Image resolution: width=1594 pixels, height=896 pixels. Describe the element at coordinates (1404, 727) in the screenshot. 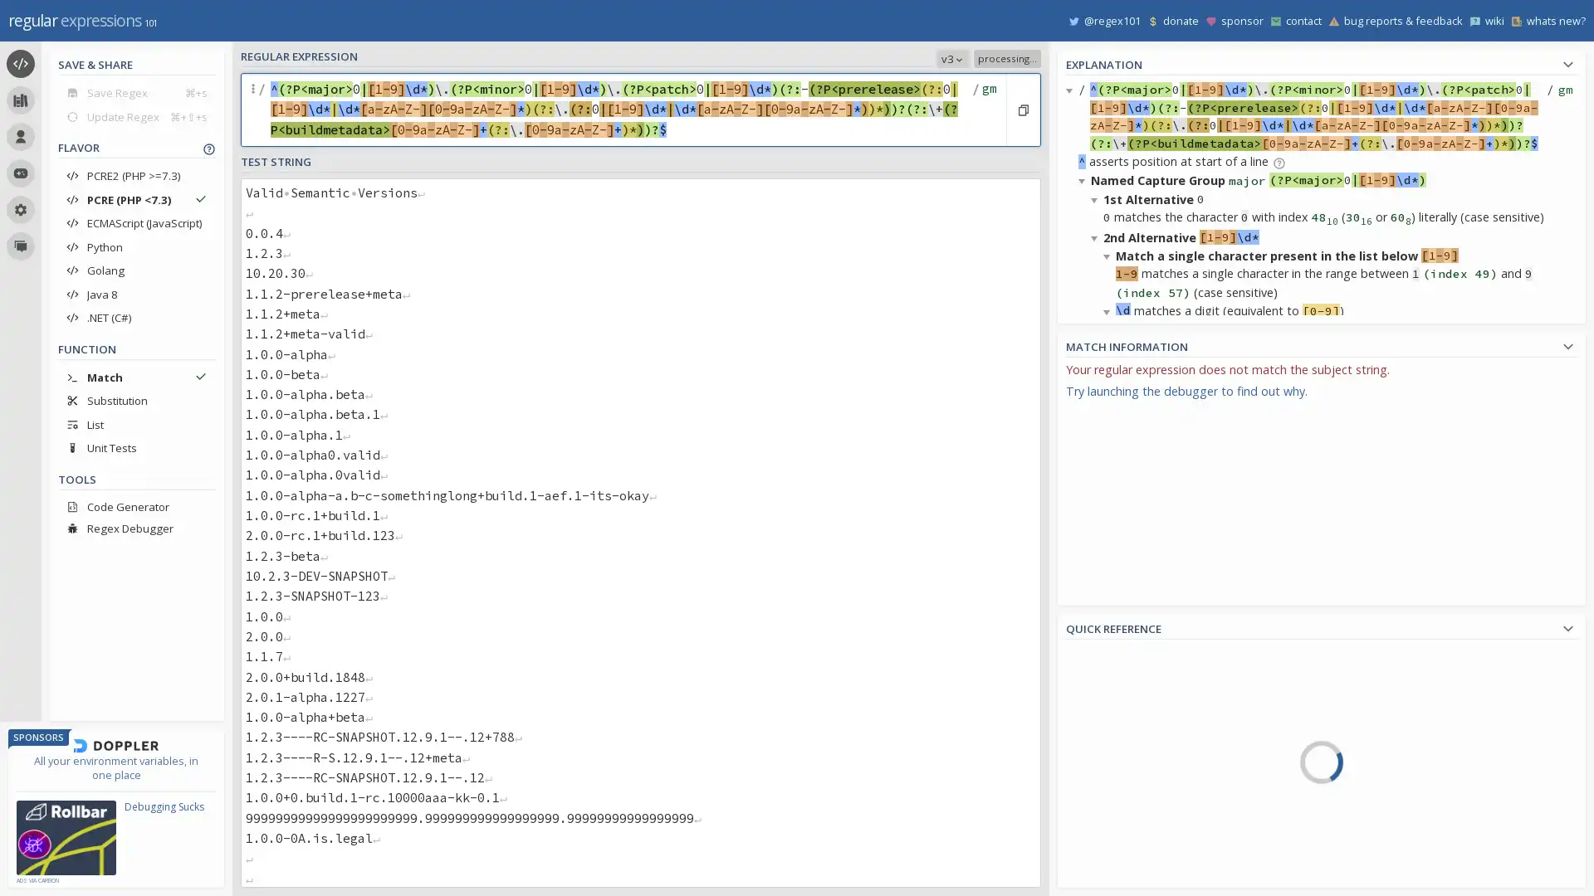

I see `A character not in the range: a-z [^a-z]` at that location.